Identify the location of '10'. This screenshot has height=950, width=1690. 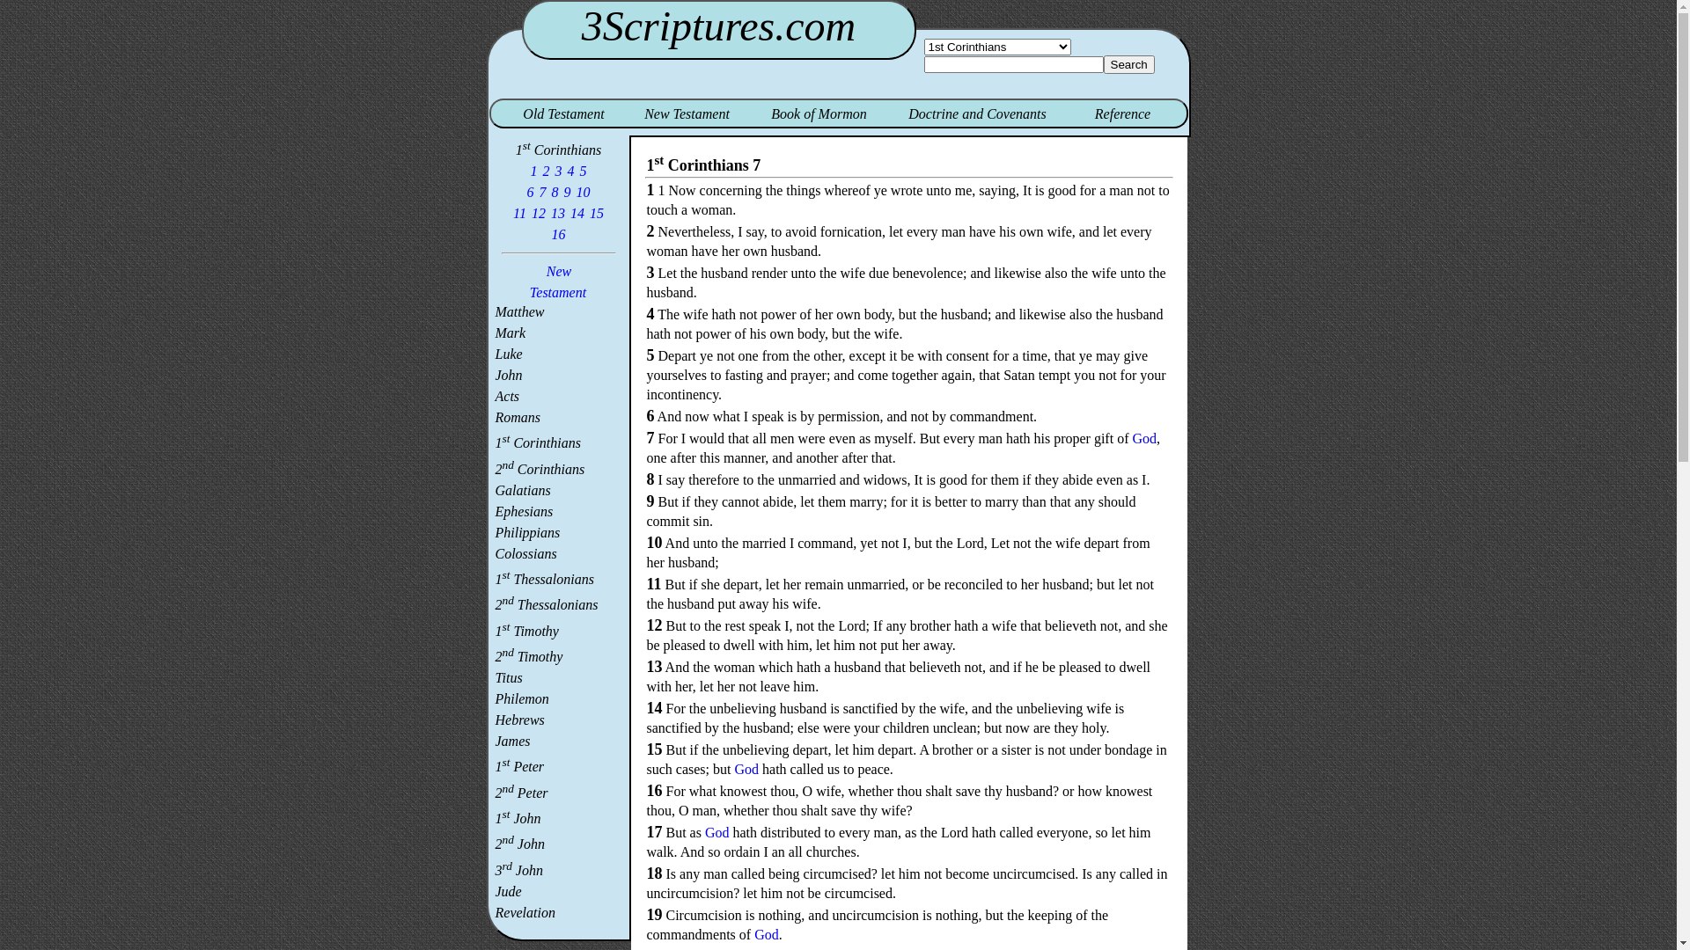
(575, 192).